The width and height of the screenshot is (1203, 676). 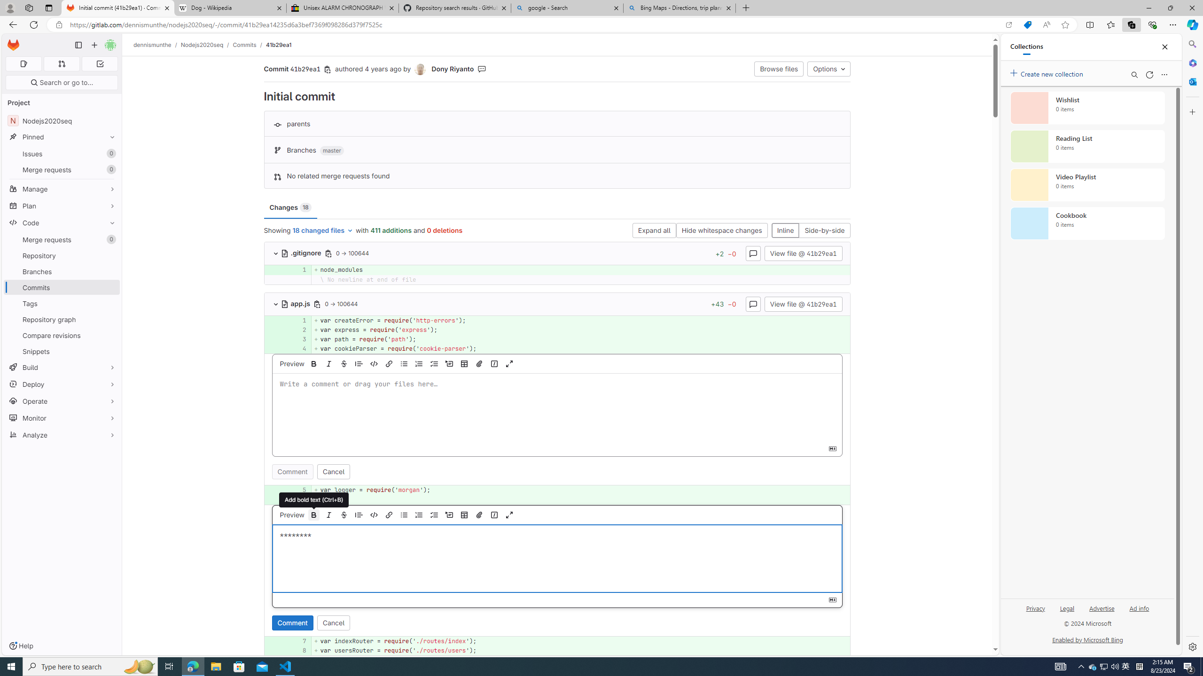 I want to click on 'Add a comment to this line', so click(x=264, y=651).